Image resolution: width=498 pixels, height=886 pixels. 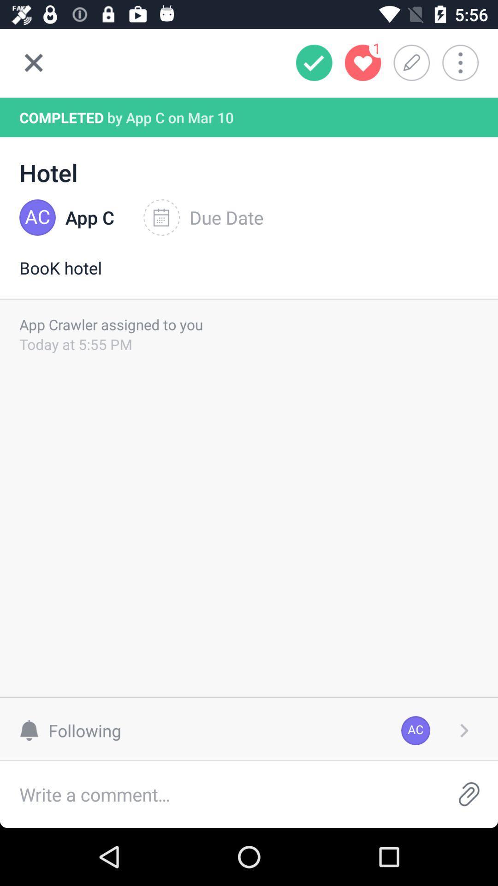 What do you see at coordinates (467, 62) in the screenshot?
I see `more` at bounding box center [467, 62].